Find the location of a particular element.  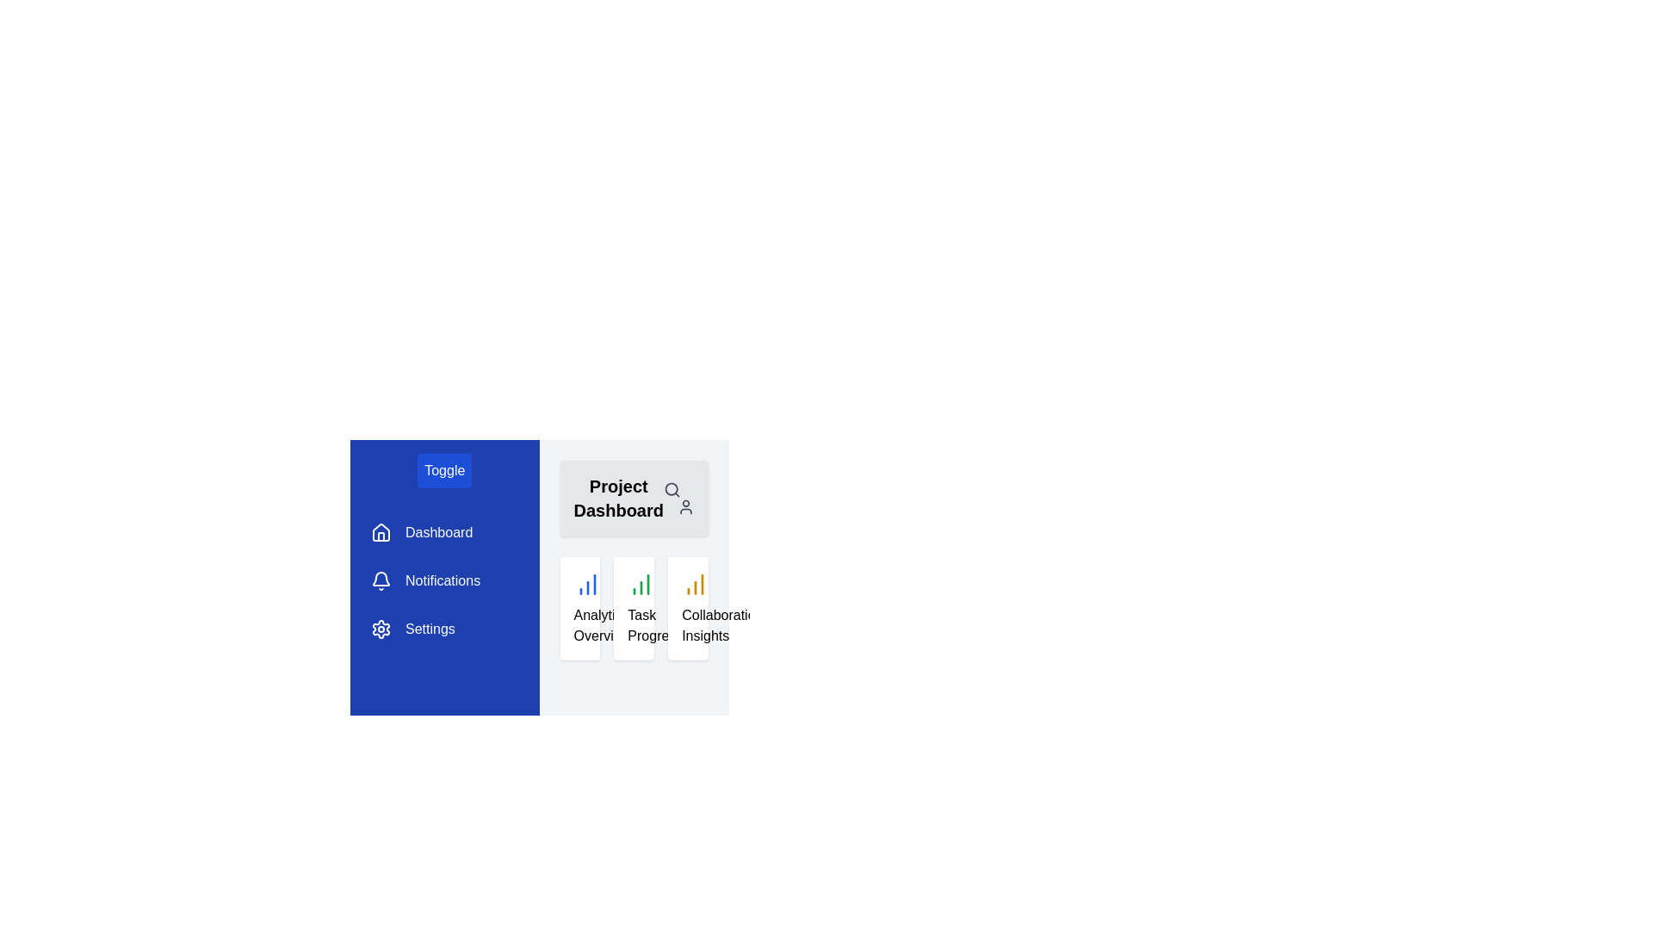

the 'Notifications' text label, which is styled in white against a blue background is located at coordinates (443, 581).